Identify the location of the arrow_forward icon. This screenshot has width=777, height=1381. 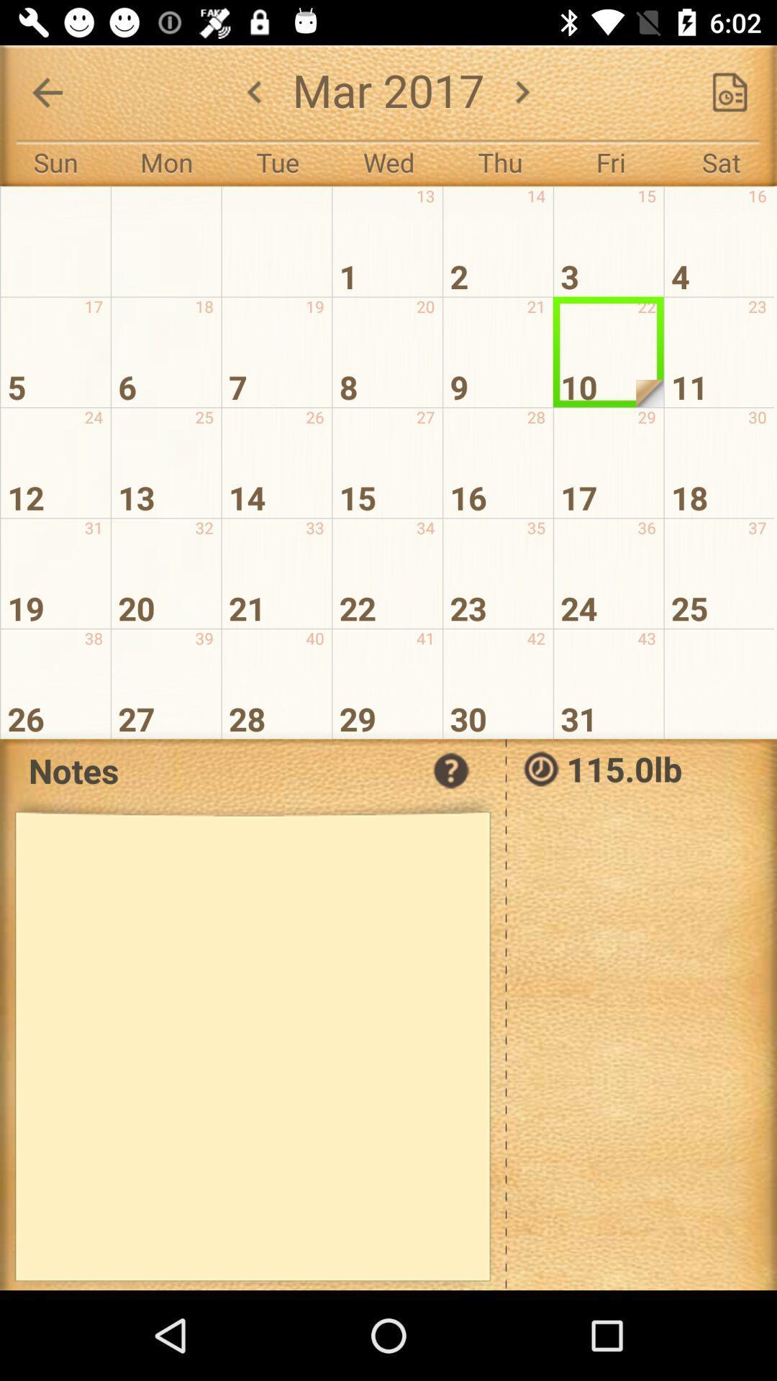
(522, 91).